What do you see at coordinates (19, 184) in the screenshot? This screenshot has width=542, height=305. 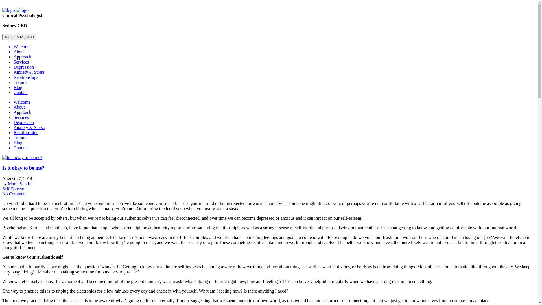 I see `'Maria Scoda'` at bounding box center [19, 184].